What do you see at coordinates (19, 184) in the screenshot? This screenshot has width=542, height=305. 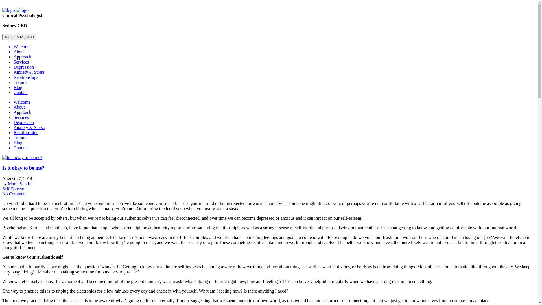 I see `'Maria Scoda'` at bounding box center [19, 184].